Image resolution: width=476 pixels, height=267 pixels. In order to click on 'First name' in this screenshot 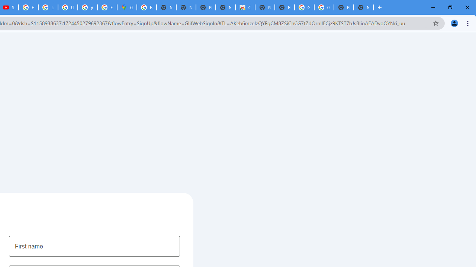, I will do `click(94, 246)`.